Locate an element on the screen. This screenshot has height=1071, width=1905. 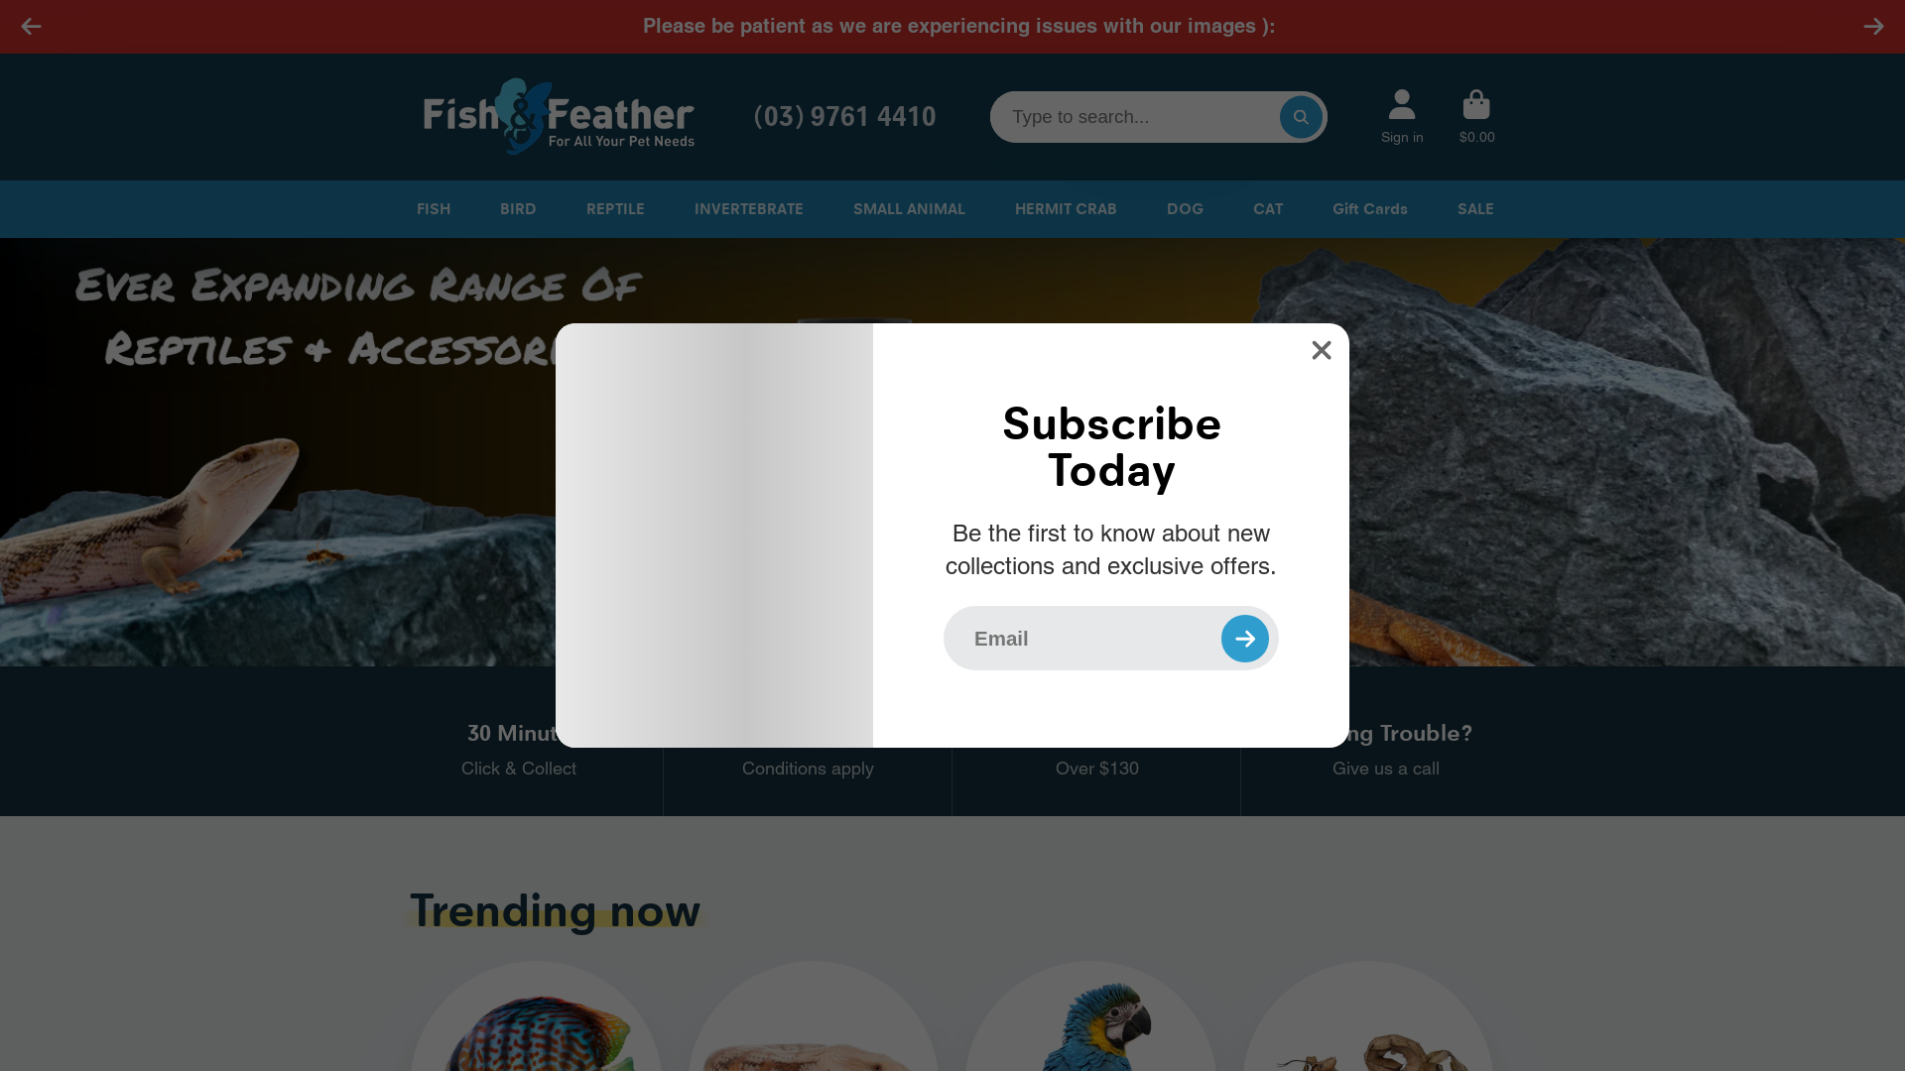
'FISH' is located at coordinates (428, 209).